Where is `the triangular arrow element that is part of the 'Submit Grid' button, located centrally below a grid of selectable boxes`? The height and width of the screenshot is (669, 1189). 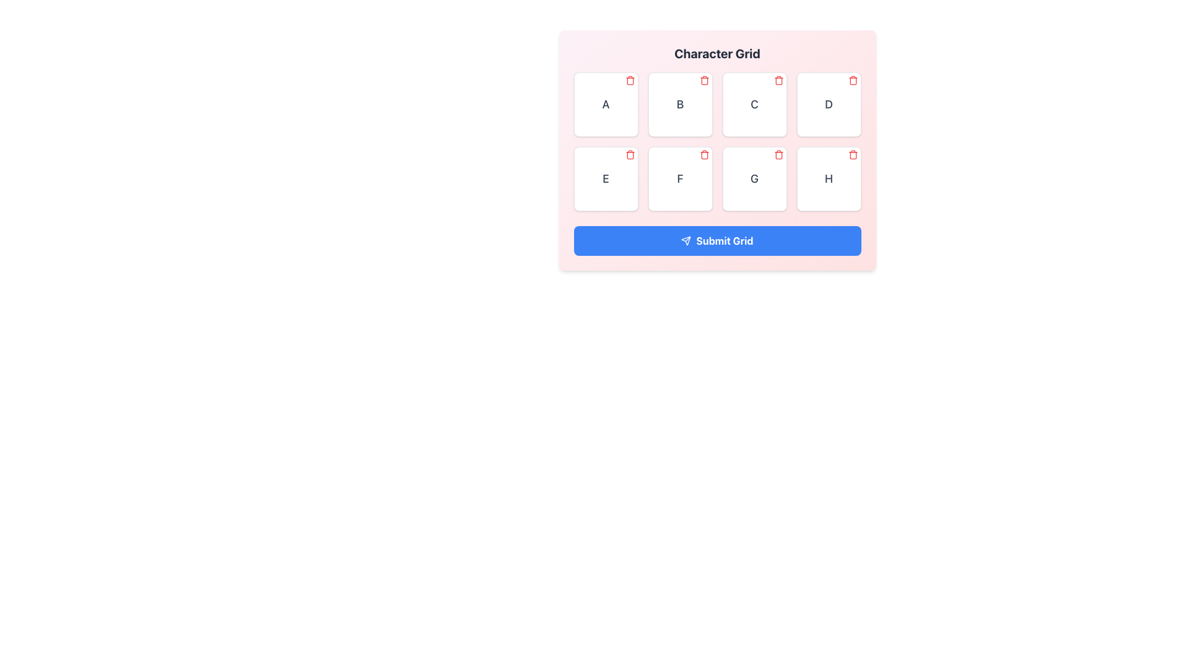
the triangular arrow element that is part of the 'Submit Grid' button, located centrally below a grid of selectable boxes is located at coordinates (686, 241).